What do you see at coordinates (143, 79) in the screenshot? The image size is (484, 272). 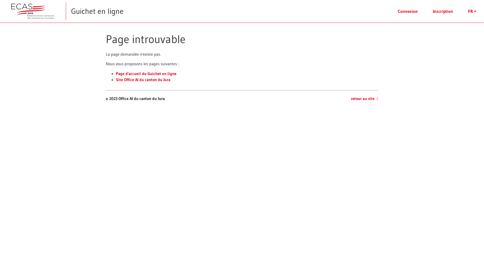 I see `'Site Office AI du canton du Jura'` at bounding box center [143, 79].